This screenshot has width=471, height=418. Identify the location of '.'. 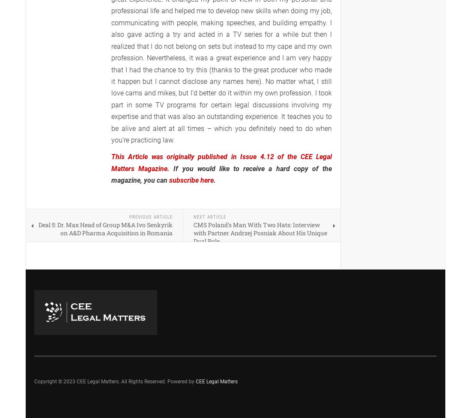
(215, 180).